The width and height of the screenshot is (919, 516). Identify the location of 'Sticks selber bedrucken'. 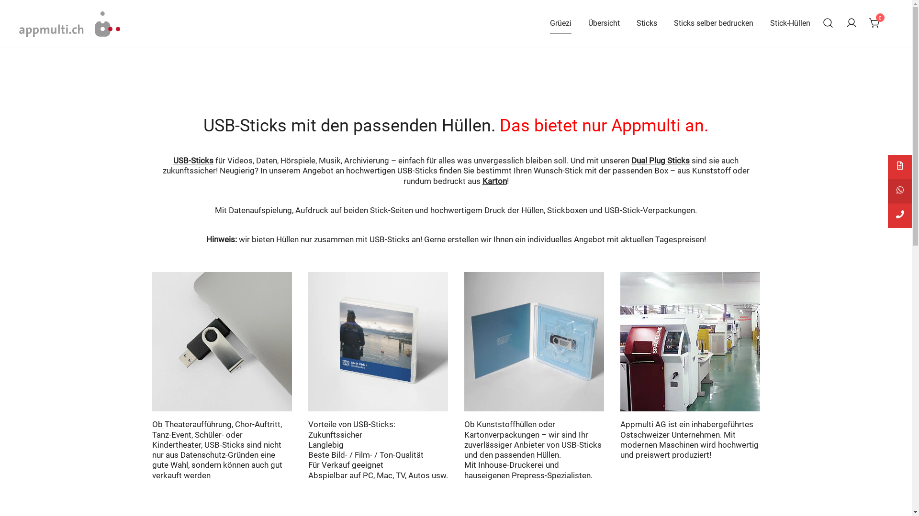
(714, 23).